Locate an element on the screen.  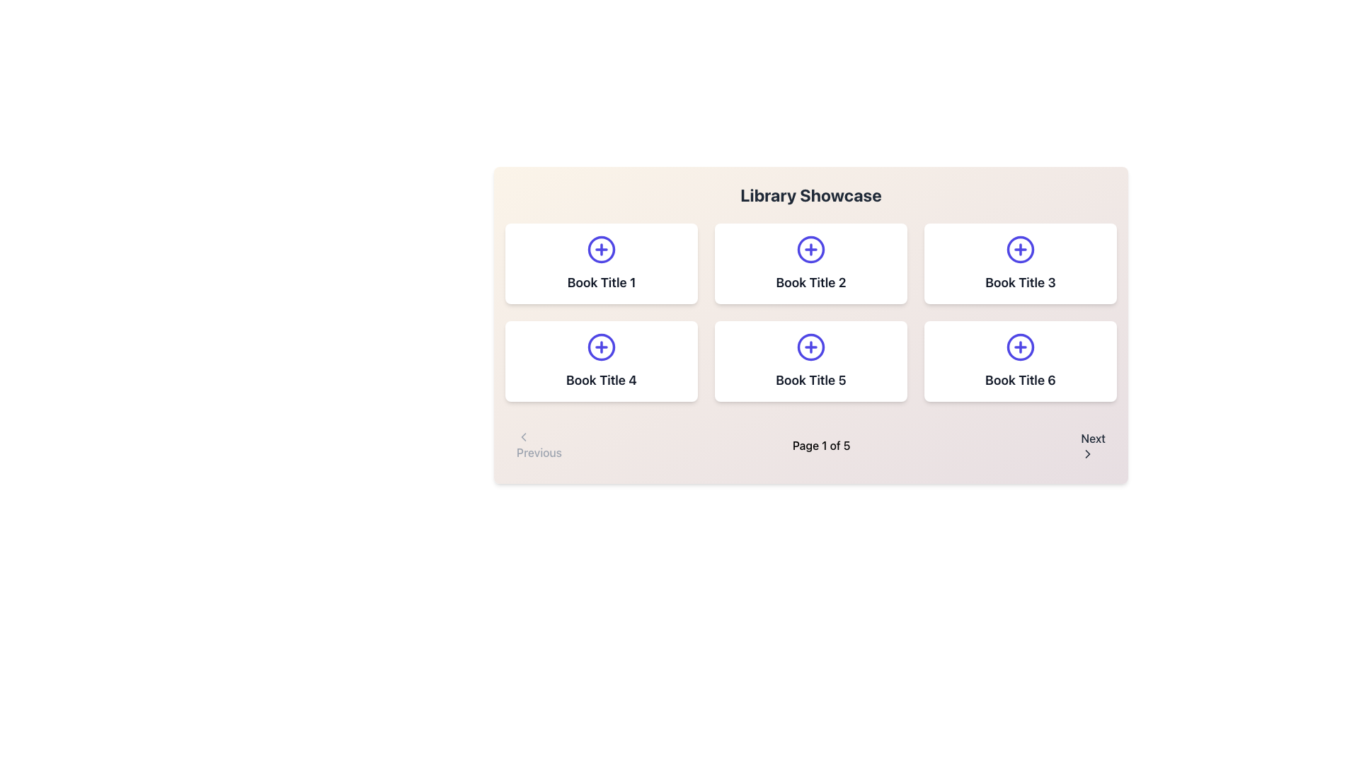
text from the Text Label that indicates the current page number, positioned between the 'Previous' and 'Next' buttons in the pagination section is located at coordinates (821, 444).